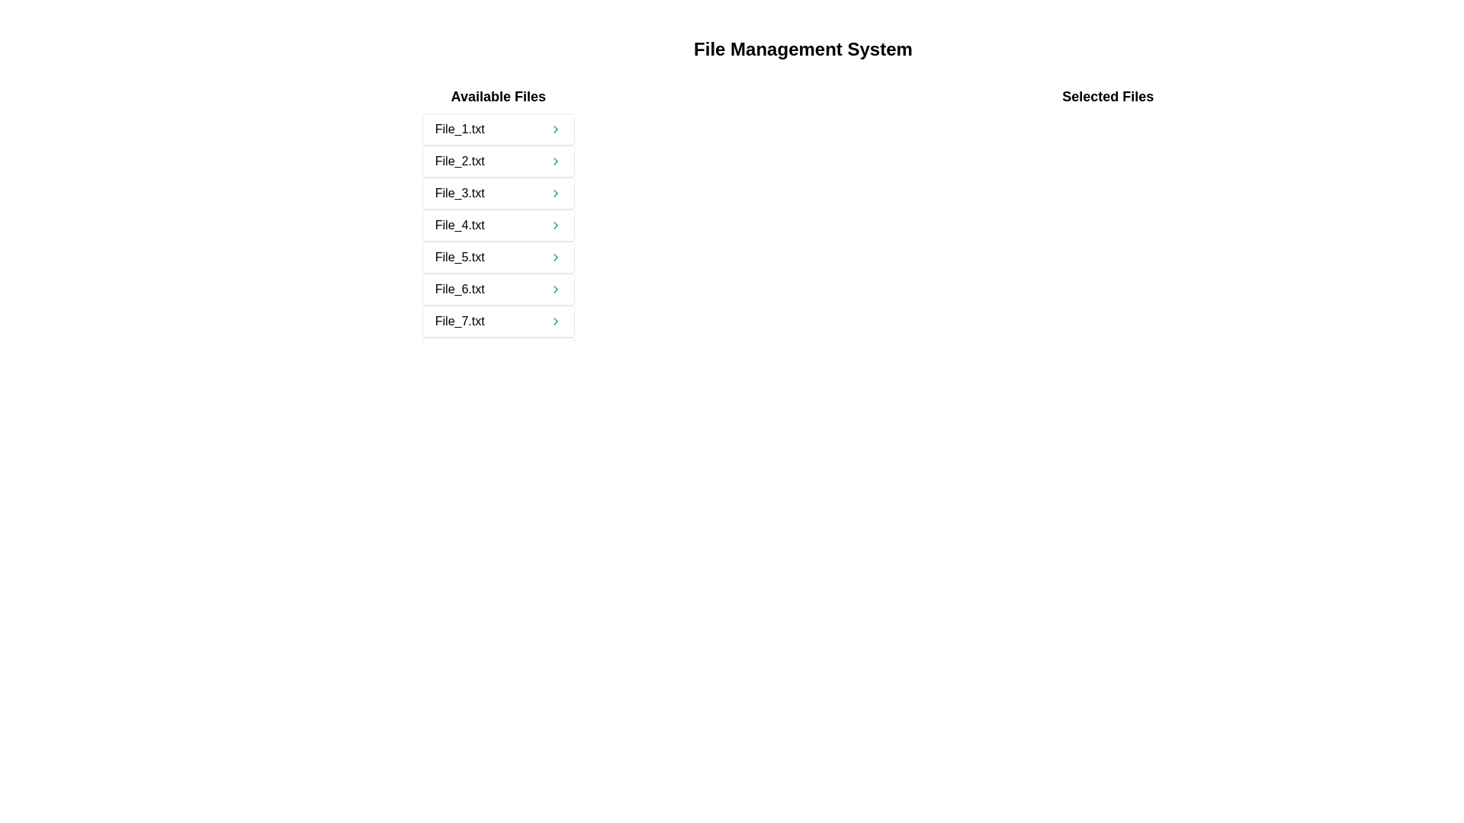 The height and width of the screenshot is (823, 1464). I want to click on the selectable file item named 'File_3.txt' in the 'Available Files' panel, so click(498, 193).